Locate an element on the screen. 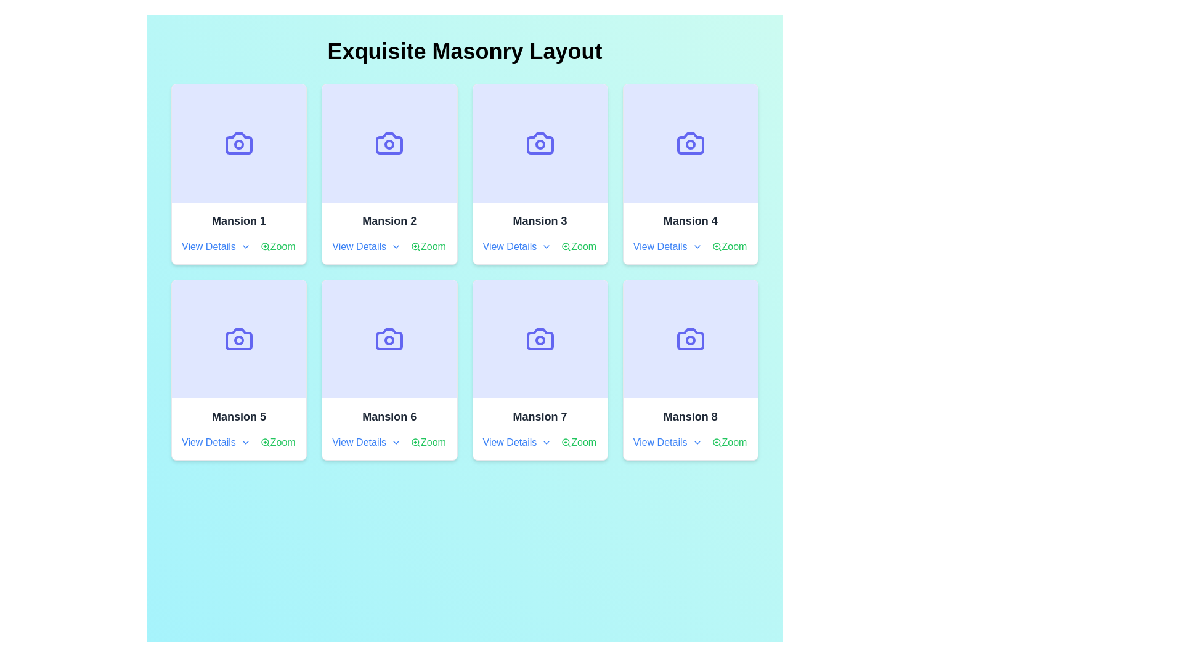 This screenshot has width=1183, height=665. the centrally aligned blue camera icon on the light purple card in the 'Mansion 6' section is located at coordinates (389, 339).